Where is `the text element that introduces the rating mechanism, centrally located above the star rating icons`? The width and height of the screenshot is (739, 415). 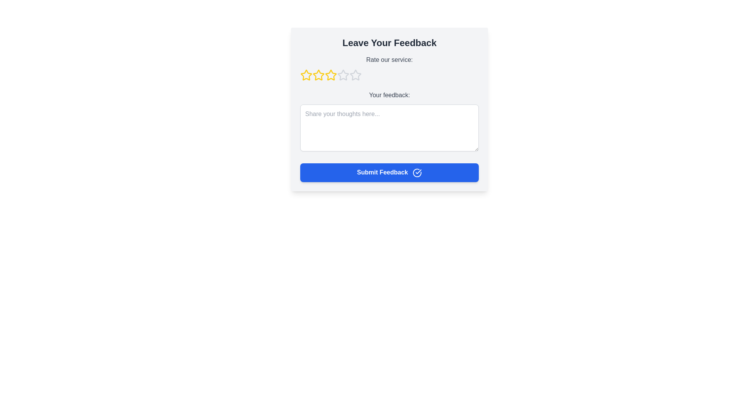
the text element that introduces the rating mechanism, centrally located above the star rating icons is located at coordinates (390, 59).